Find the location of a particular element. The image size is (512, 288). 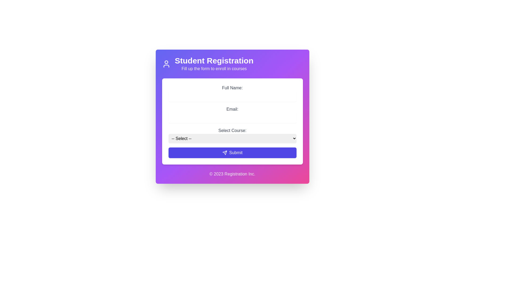

the 'Submit' button, which is a full-width button with a purple background, white text, and a paper plane icon, located at the bottom of the registration box is located at coordinates (232, 153).